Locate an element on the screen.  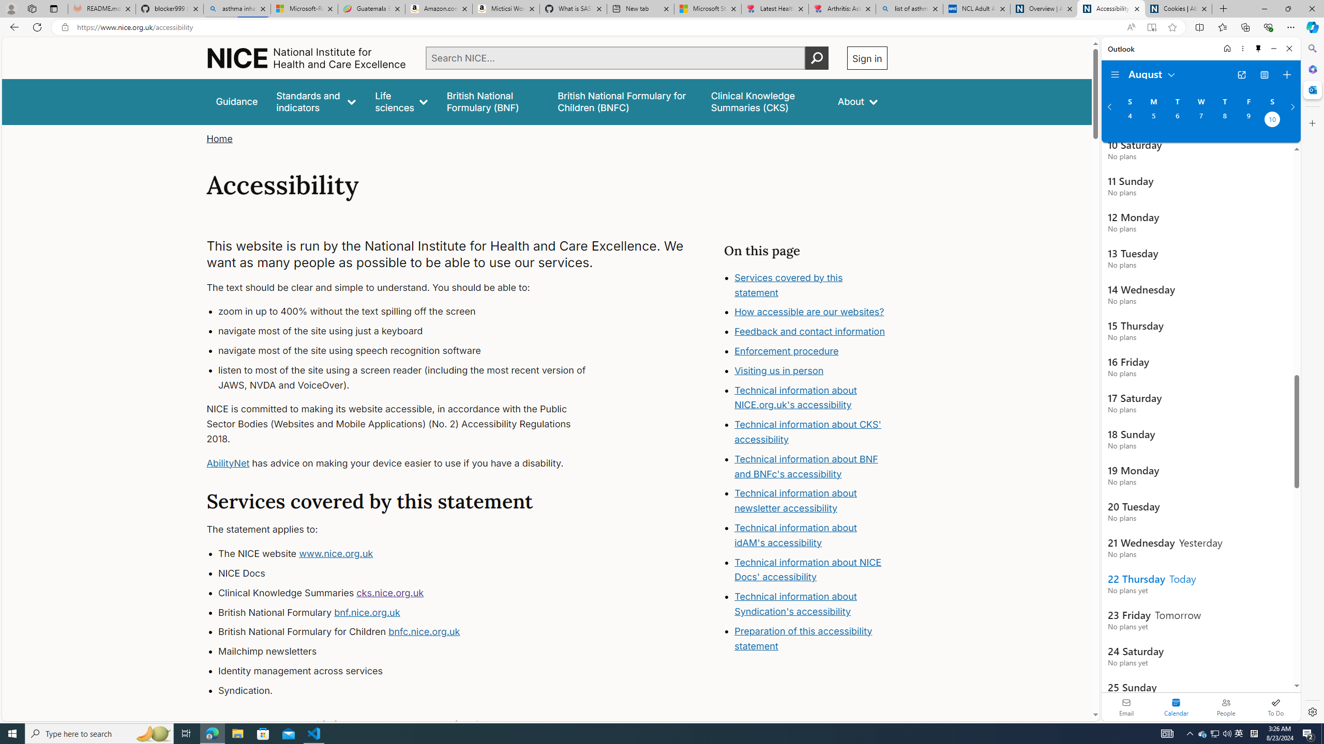
'Friday, August 9, 2024. ' is located at coordinates (1248, 120).